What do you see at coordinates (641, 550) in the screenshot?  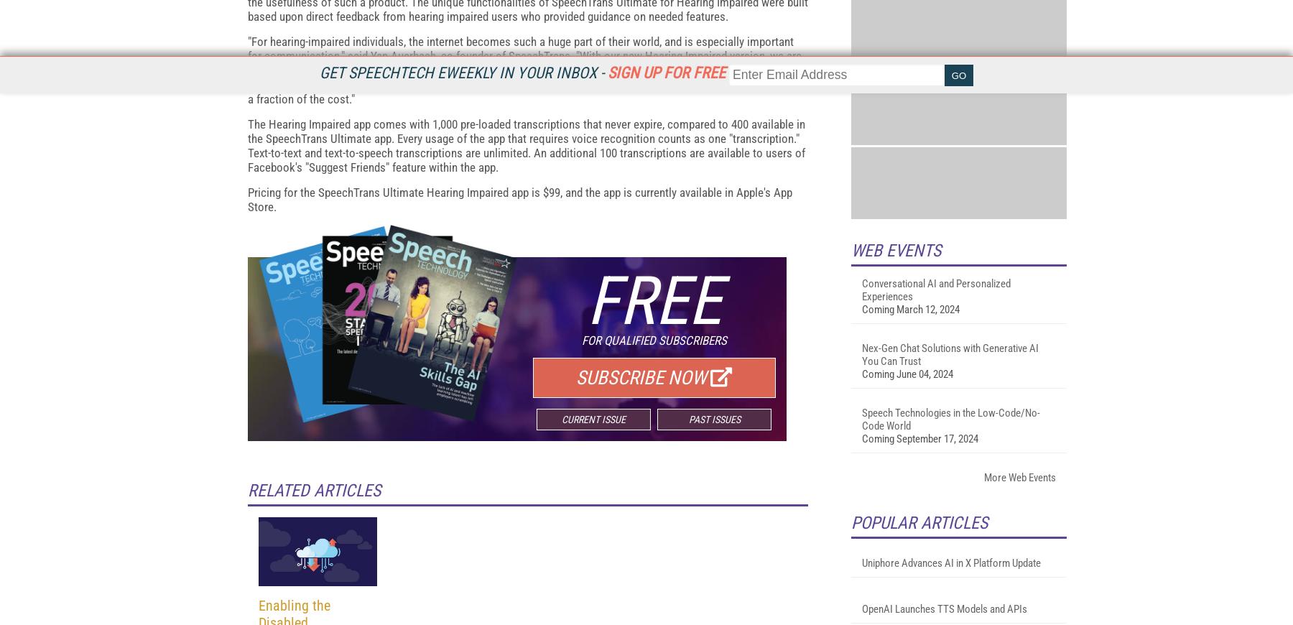 I see `'Subscribe Now'` at bounding box center [641, 550].